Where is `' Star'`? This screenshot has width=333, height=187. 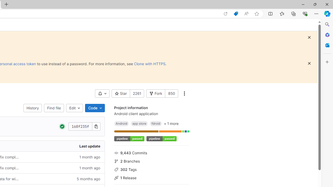 ' Star' is located at coordinates (120, 94).